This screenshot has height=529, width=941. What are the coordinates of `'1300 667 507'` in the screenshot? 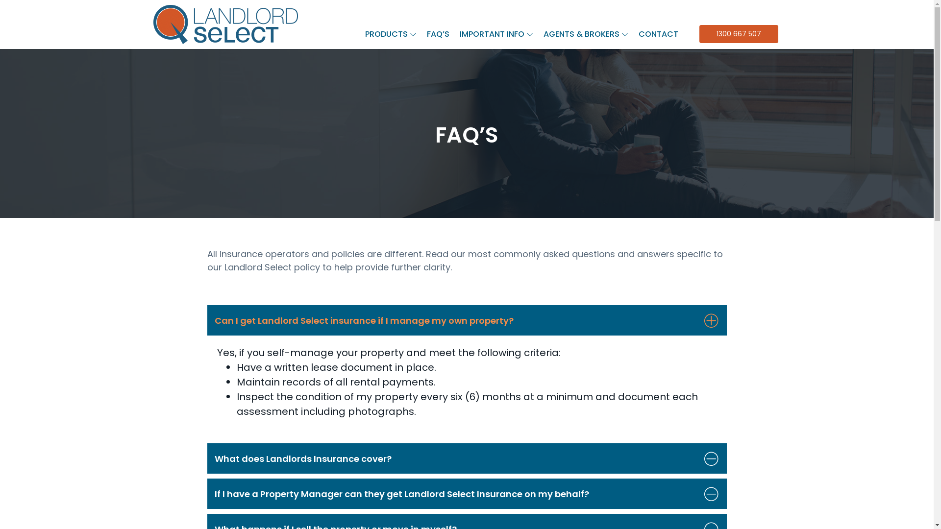 It's located at (738, 33).